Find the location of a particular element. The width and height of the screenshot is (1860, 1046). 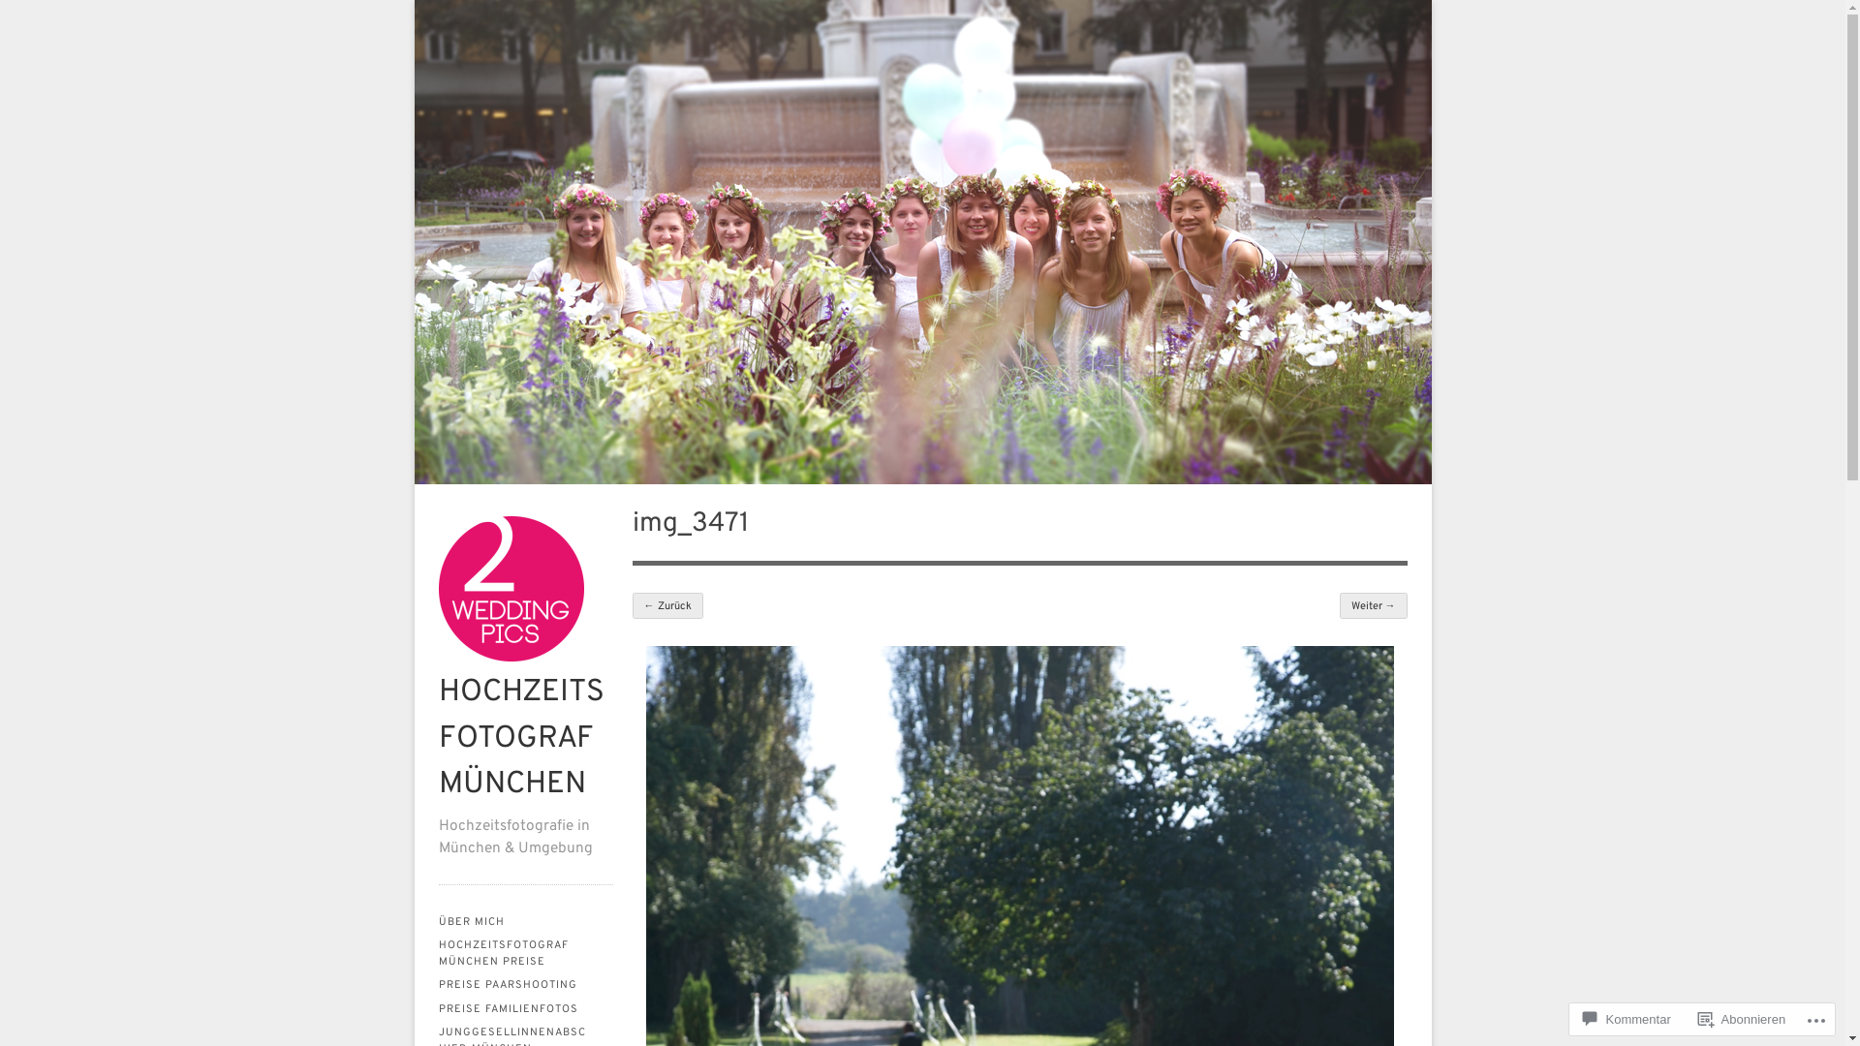

'PREISE FAMILIENFOTOS' is located at coordinates (525, 1008).